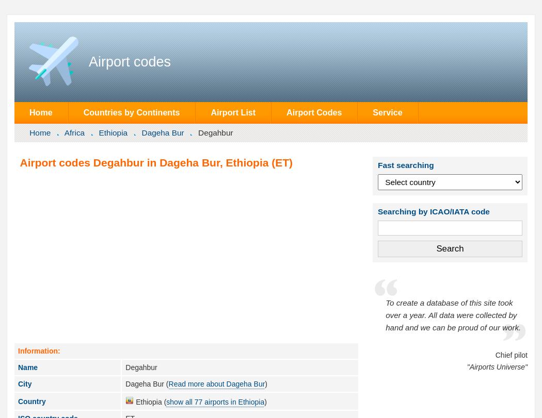 This screenshot has height=418, width=542. What do you see at coordinates (511, 355) in the screenshot?
I see `'Chief pilot'` at bounding box center [511, 355].